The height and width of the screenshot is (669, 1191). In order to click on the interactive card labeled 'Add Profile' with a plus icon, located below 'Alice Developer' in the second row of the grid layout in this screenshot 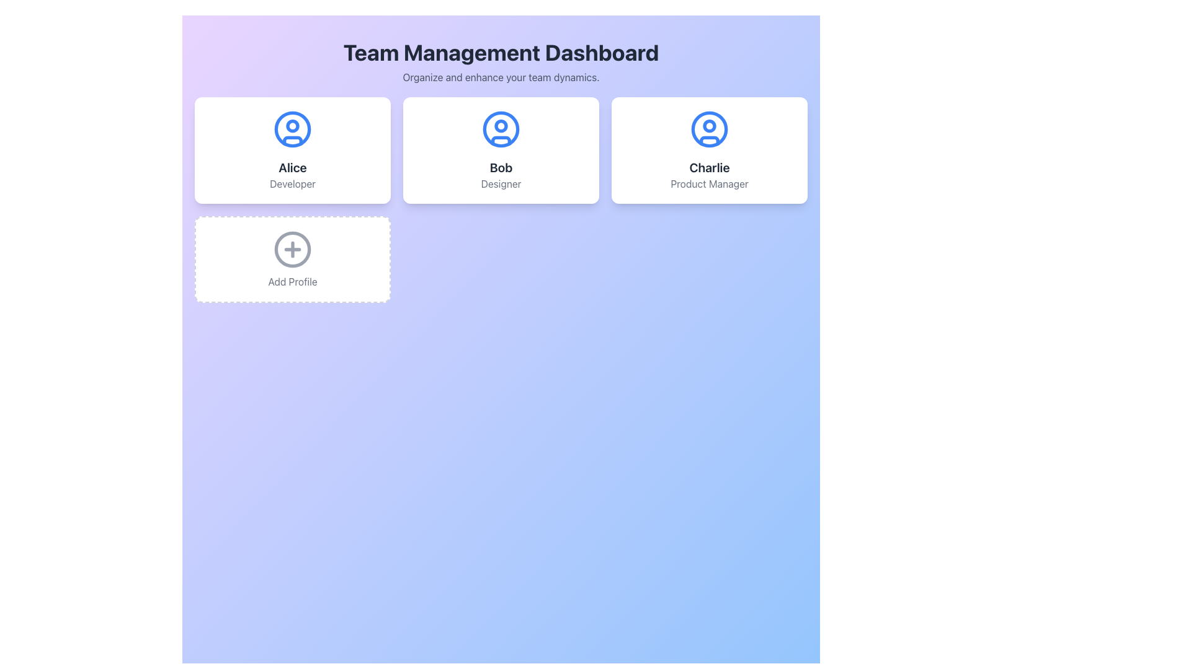, I will do `click(292, 259)`.